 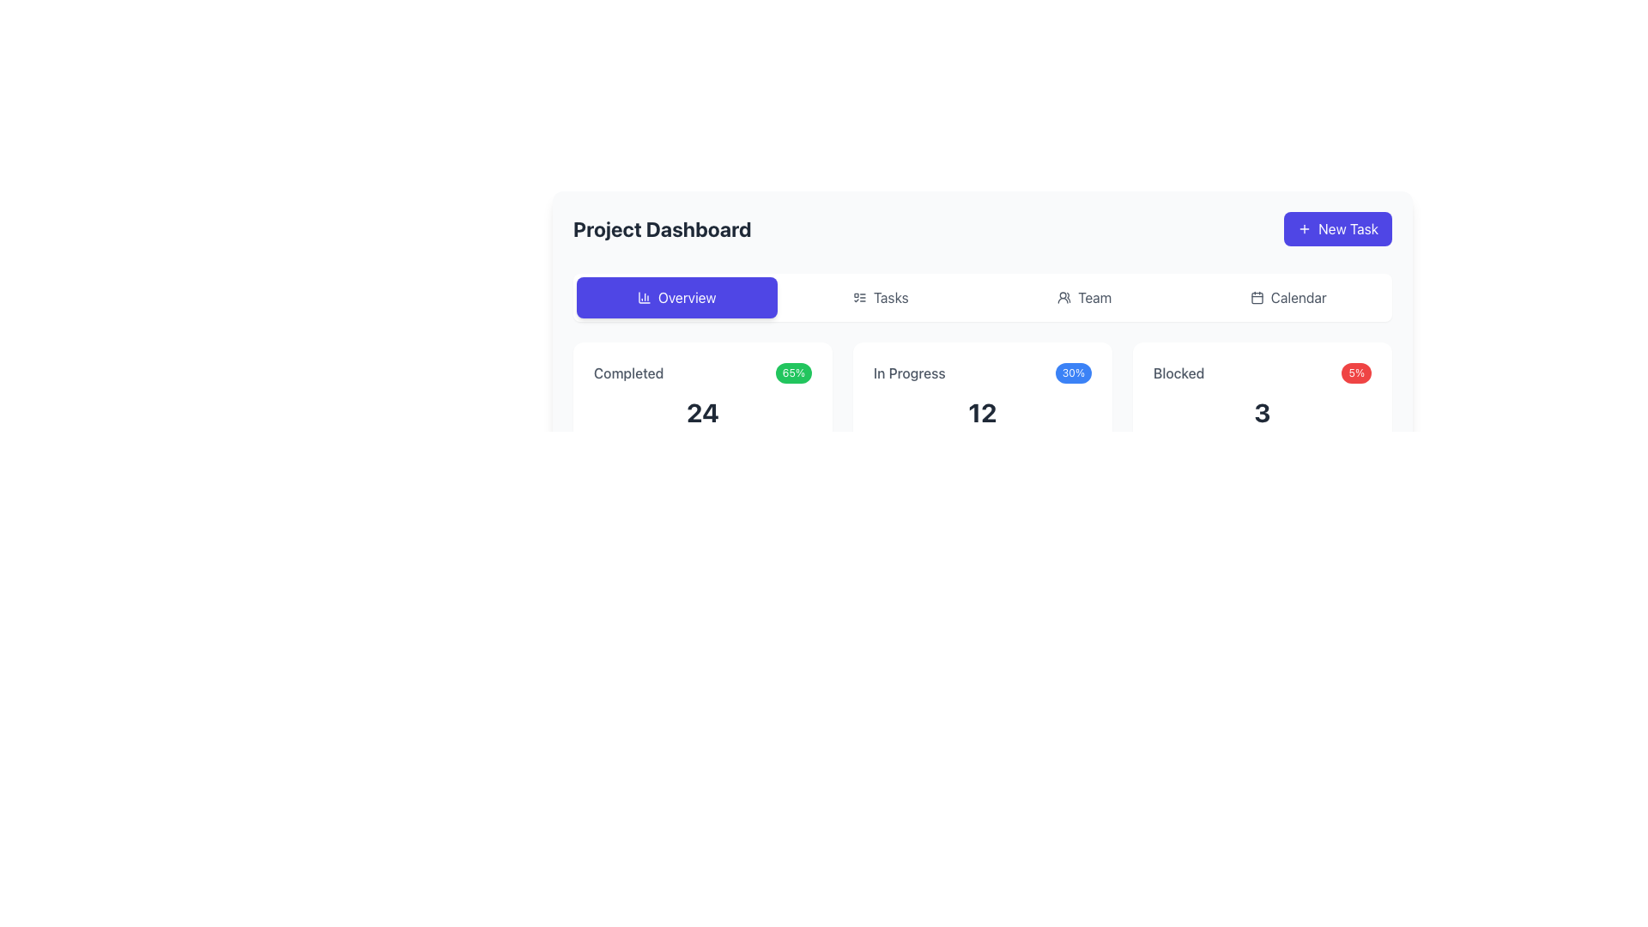 What do you see at coordinates (1257, 297) in the screenshot?
I see `the graphical component of the calendar icon located in the upper right section of the interface, aligned with the 'Calendar' tab in the navigation bar` at bounding box center [1257, 297].